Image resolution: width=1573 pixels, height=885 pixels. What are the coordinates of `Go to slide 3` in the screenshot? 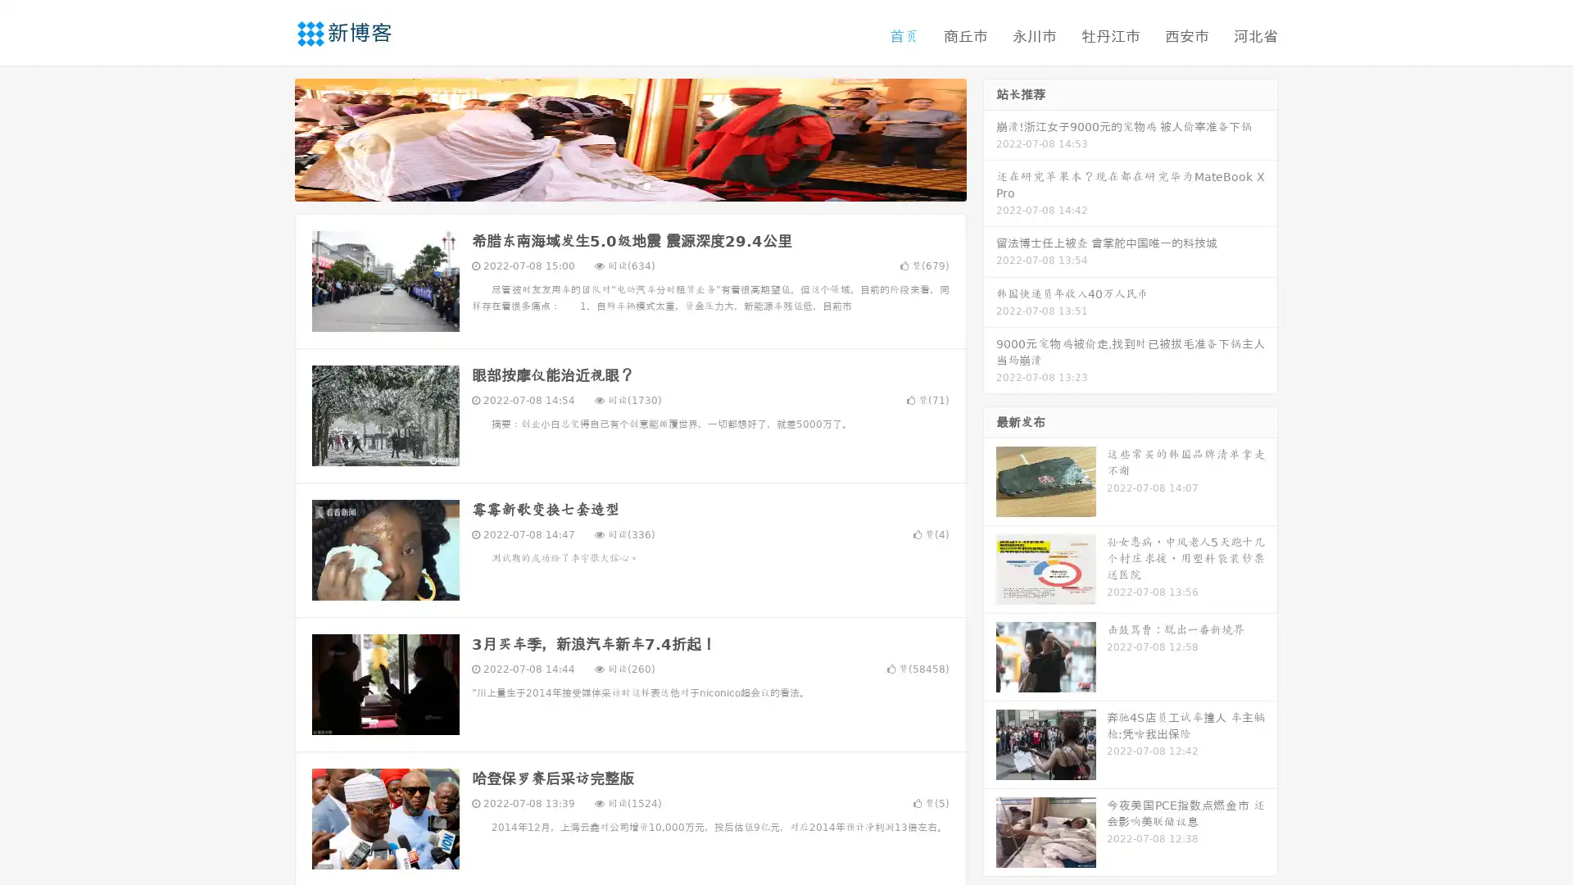 It's located at (646, 184).